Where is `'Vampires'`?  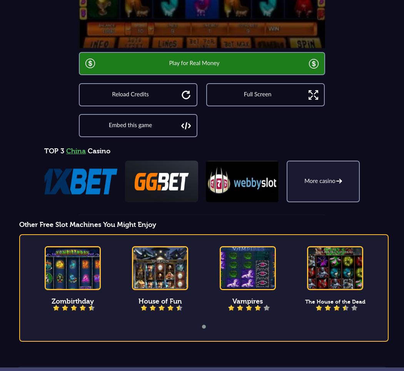
'Vampires' is located at coordinates (247, 301).